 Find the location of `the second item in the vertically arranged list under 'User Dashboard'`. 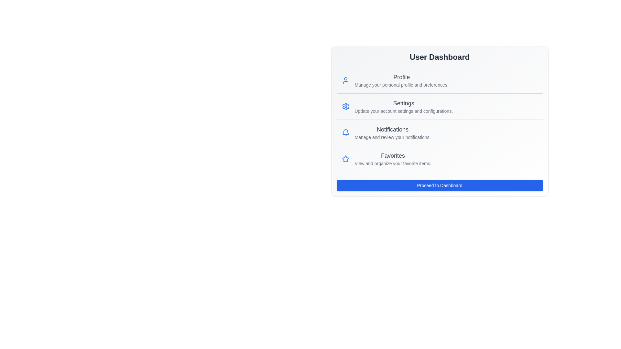

the second item in the vertically arranged list under 'User Dashboard' is located at coordinates (440, 106).